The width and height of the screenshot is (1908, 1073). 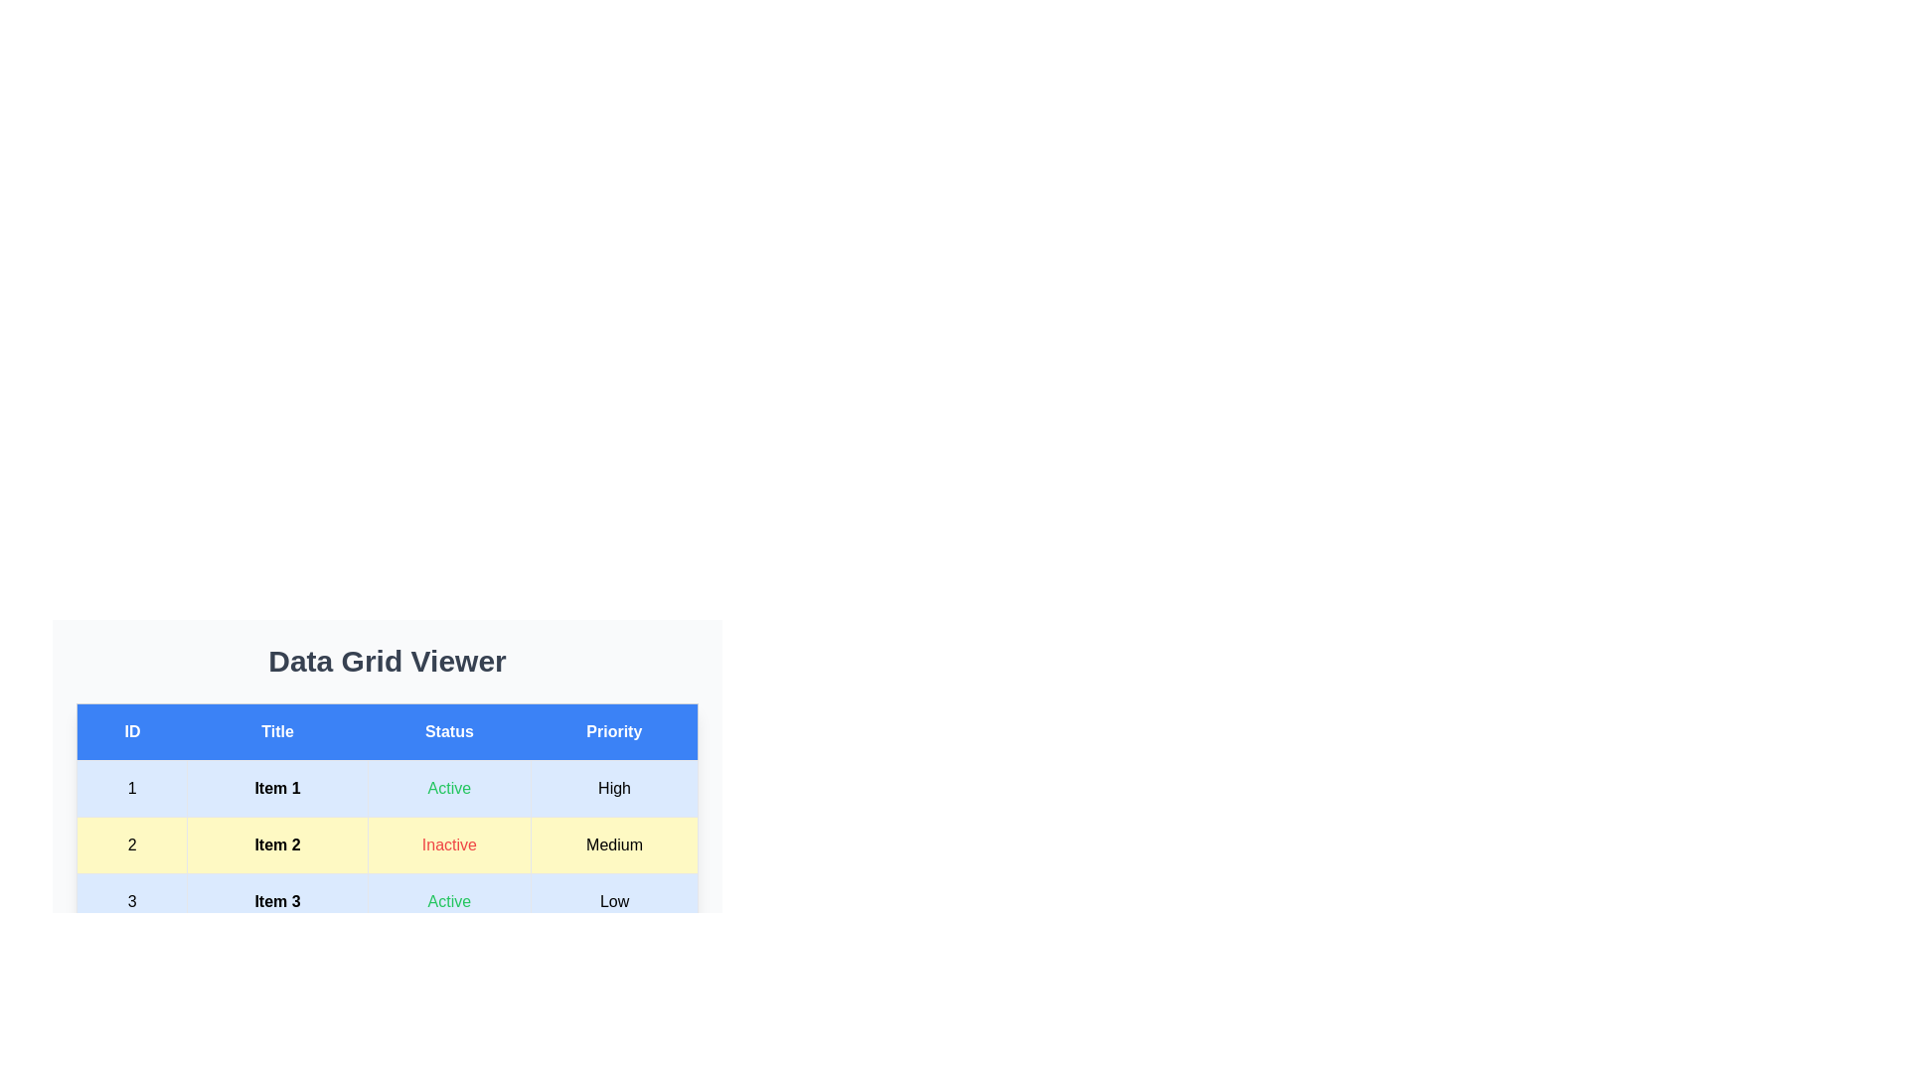 What do you see at coordinates (131, 731) in the screenshot?
I see `the column header ID to sort the table by that column` at bounding box center [131, 731].